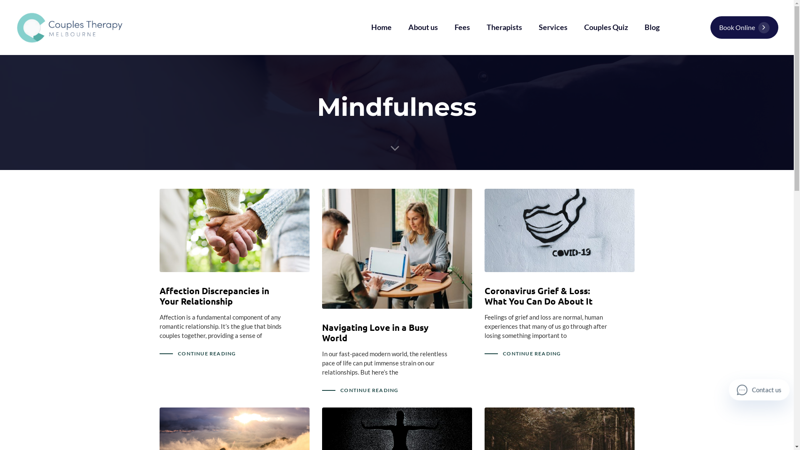 This screenshot has width=800, height=450. Describe the element at coordinates (651, 27) in the screenshot. I see `'Blog'` at that location.